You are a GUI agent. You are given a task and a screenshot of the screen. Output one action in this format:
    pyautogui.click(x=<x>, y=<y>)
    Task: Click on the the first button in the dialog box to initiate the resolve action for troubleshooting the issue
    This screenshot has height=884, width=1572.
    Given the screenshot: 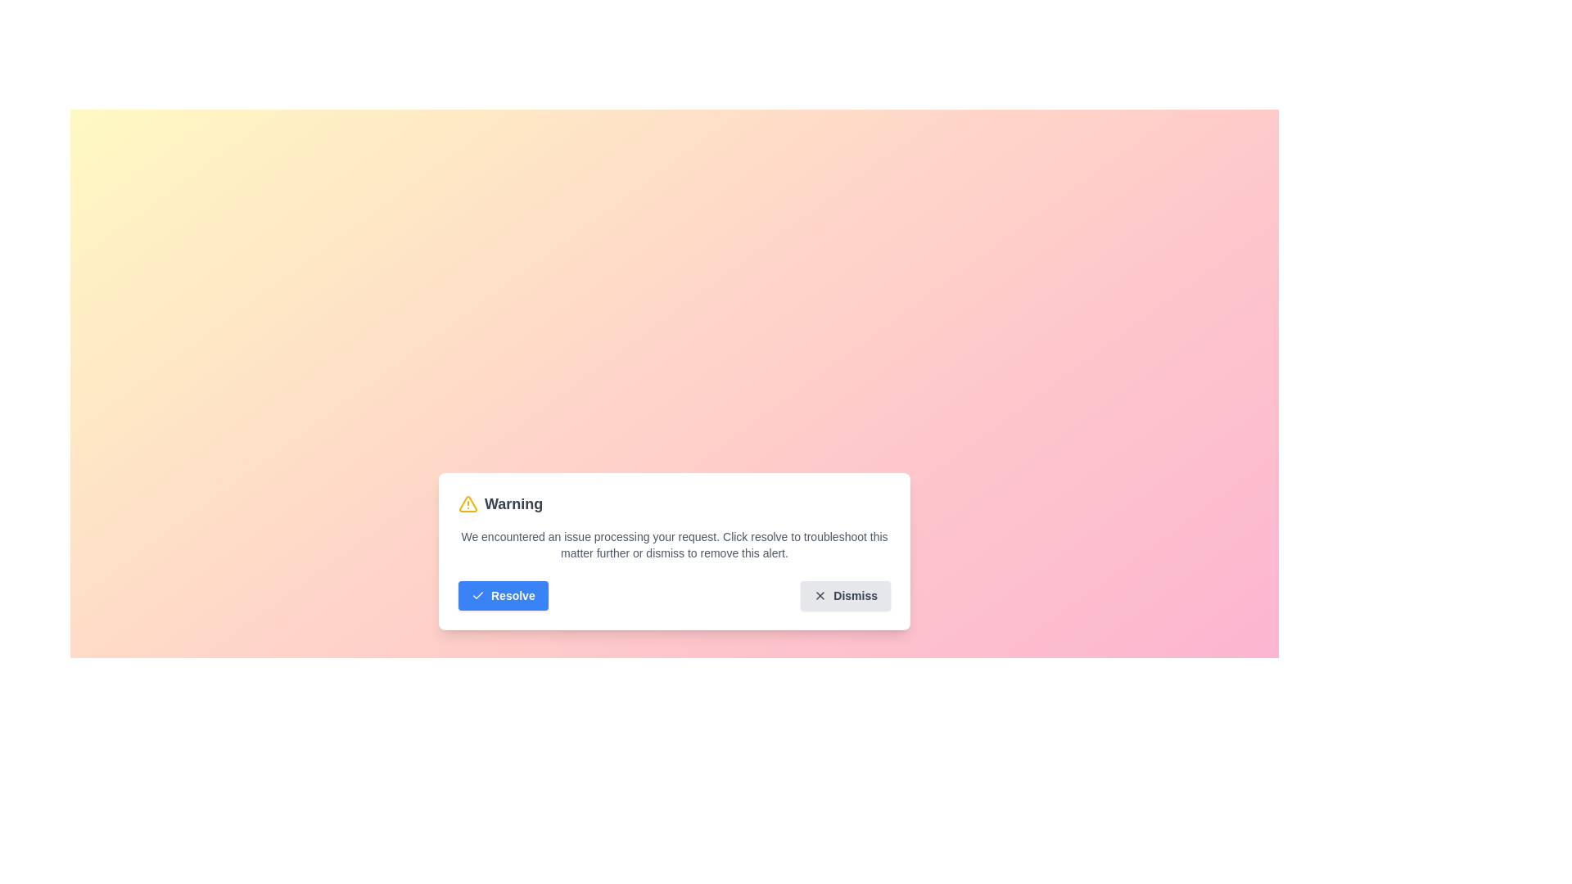 What is the action you would take?
    pyautogui.click(x=502, y=596)
    